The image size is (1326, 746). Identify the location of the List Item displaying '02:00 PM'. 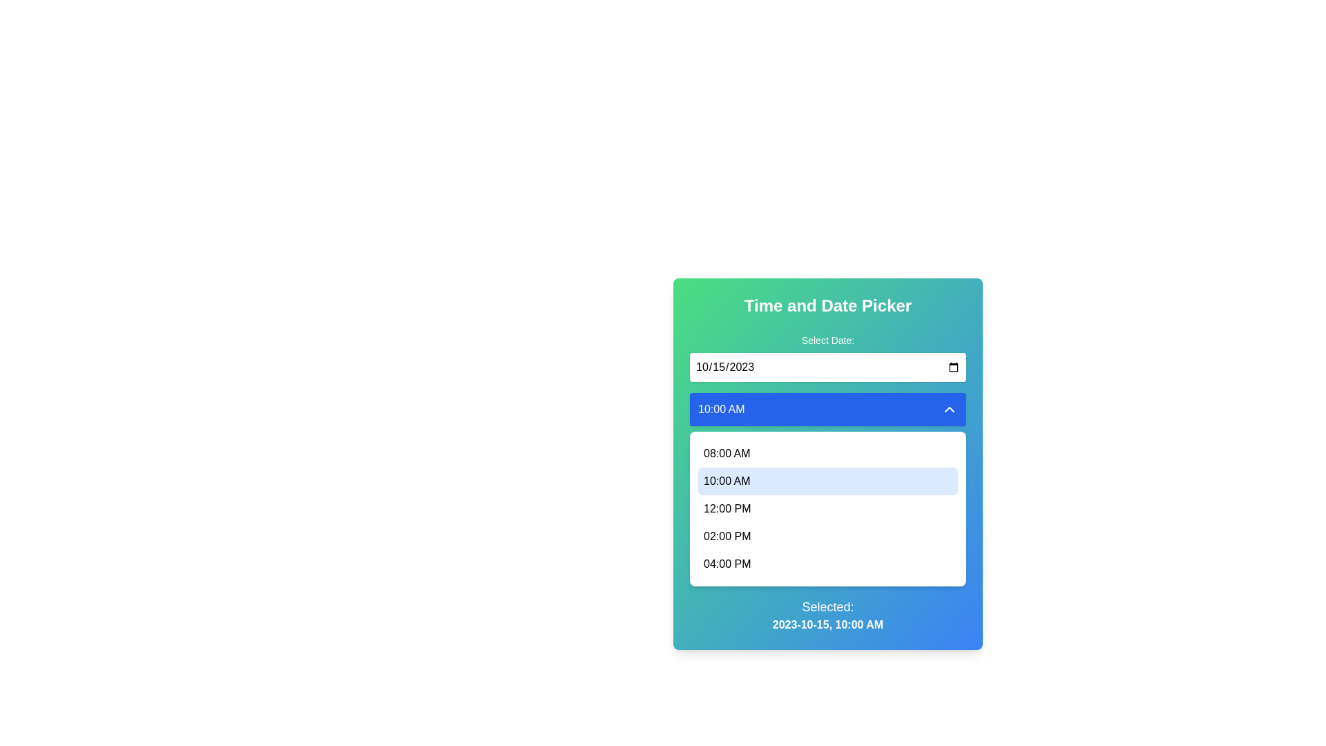
(828, 535).